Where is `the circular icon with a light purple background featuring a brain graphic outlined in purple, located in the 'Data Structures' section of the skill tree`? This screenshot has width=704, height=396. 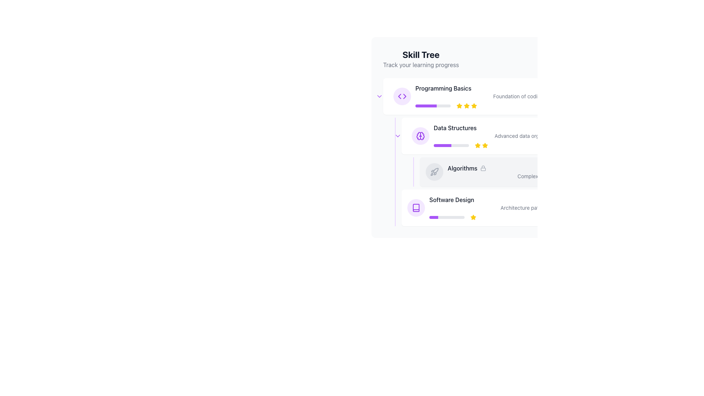
the circular icon with a light purple background featuring a brain graphic outlined in purple, located in the 'Data Structures' section of the skill tree is located at coordinates (421, 136).